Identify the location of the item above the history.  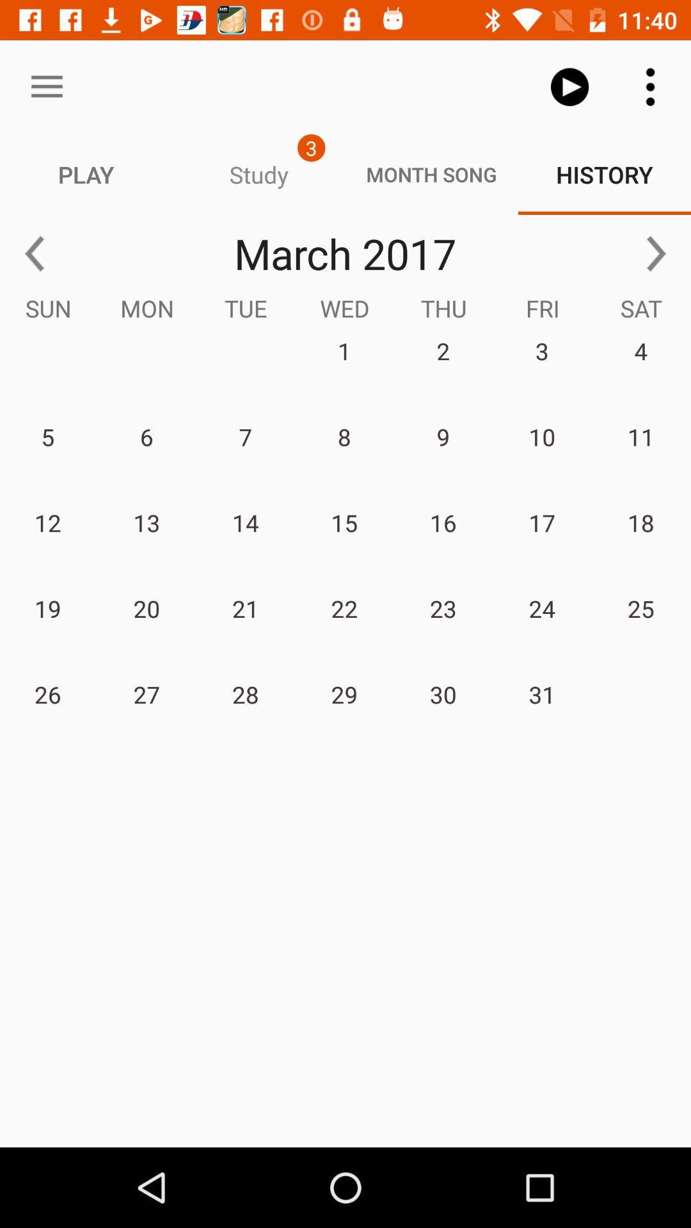
(569, 86).